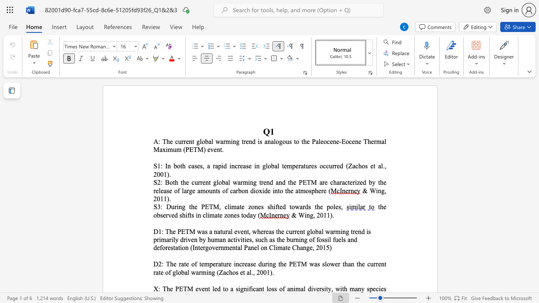  What do you see at coordinates (208, 141) in the screenshot?
I see `the space between the continuous character "b" and "a" in the text` at bounding box center [208, 141].